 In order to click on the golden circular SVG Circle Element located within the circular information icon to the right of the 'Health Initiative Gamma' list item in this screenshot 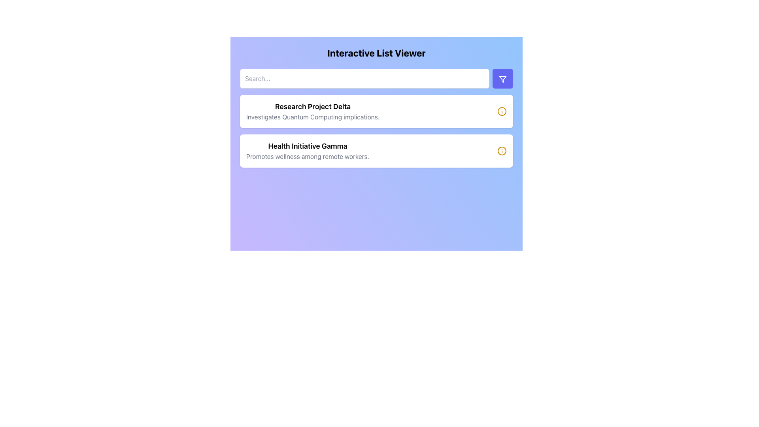, I will do `click(502, 111)`.